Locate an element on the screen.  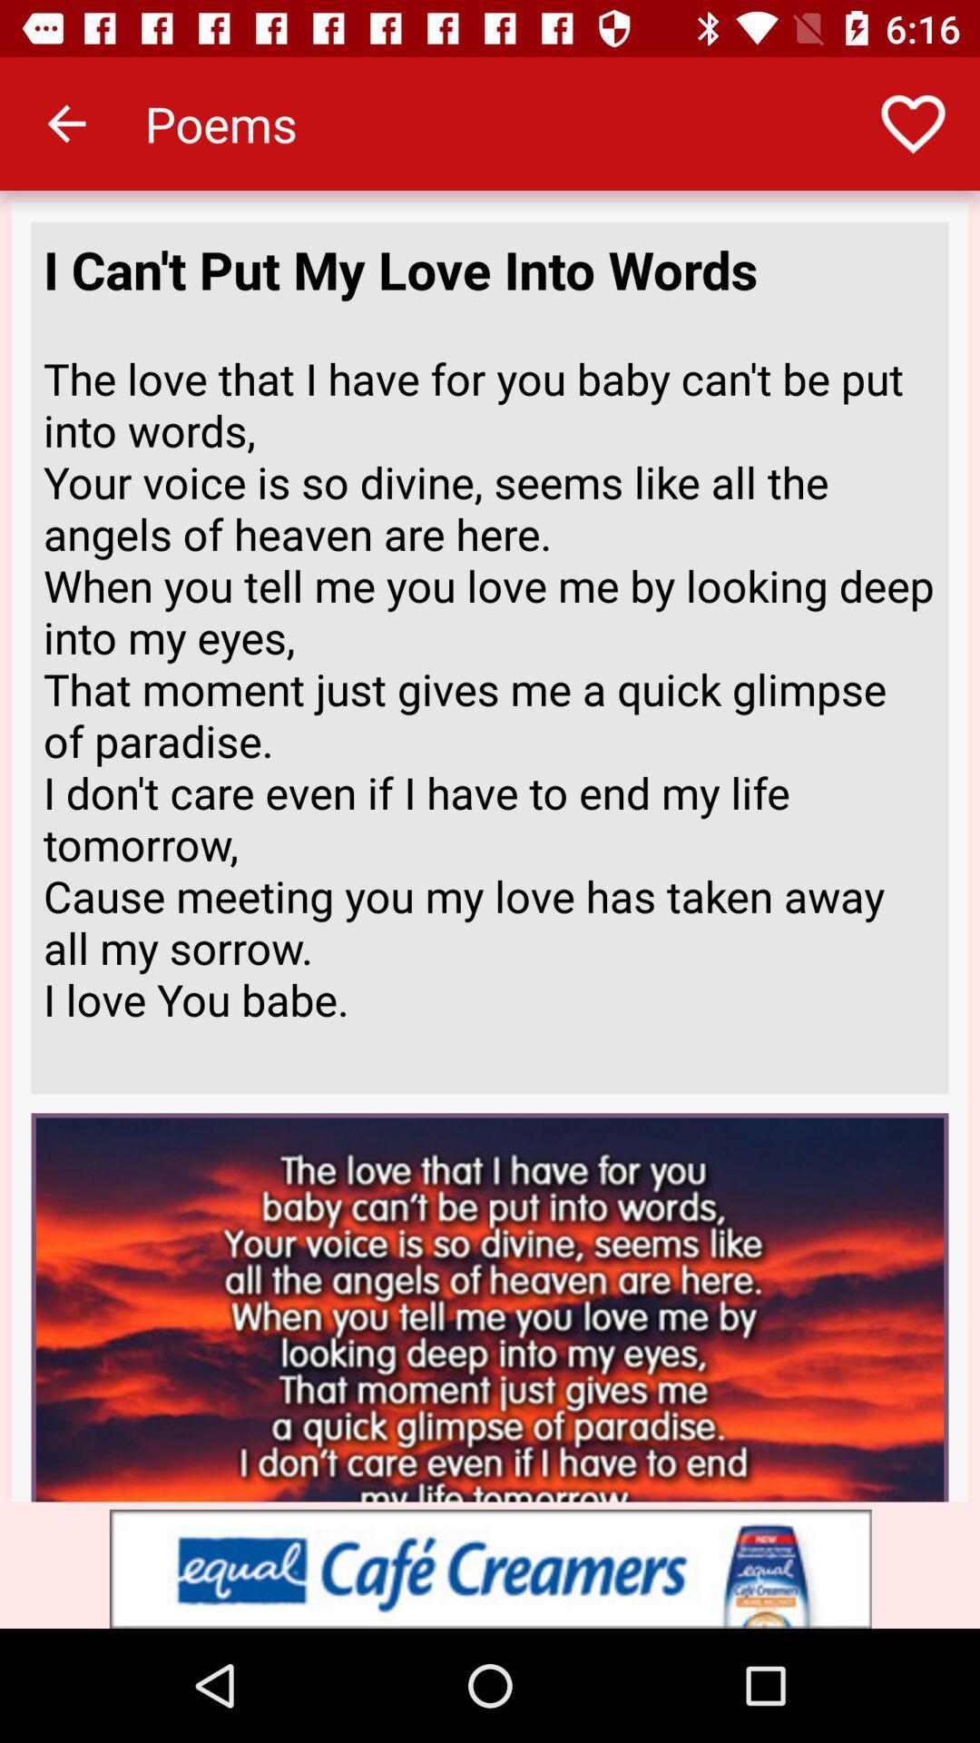
to advertisement box is located at coordinates (490, 1568).